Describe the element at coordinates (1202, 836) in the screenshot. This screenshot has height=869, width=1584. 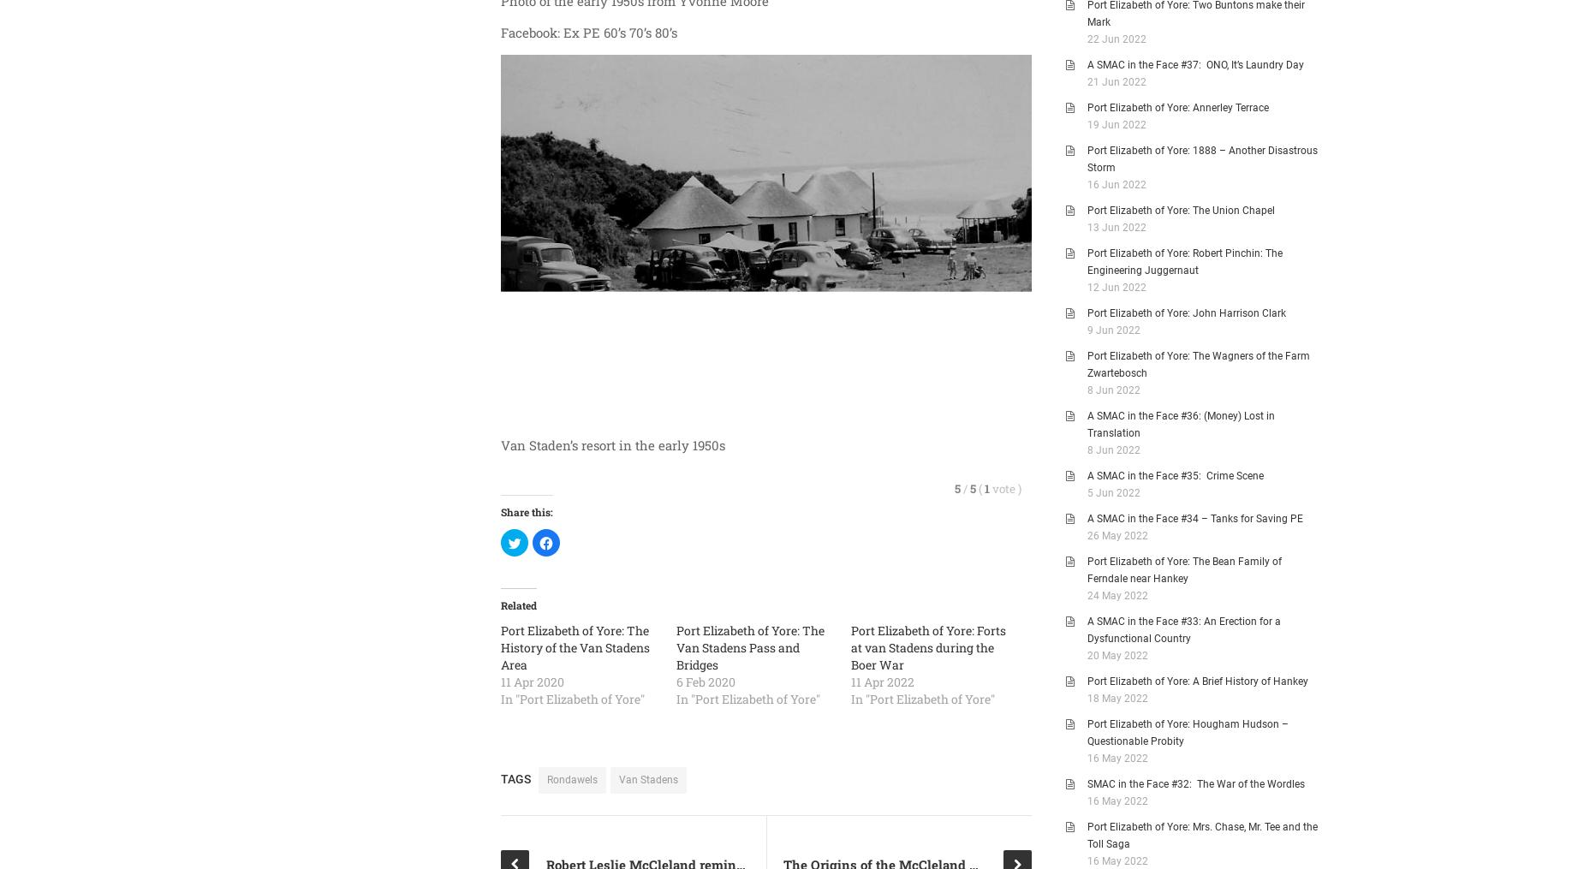
I see `'Port Elizabeth of Yore: Mrs. Chase, Mr. Tee and the Toll Saga'` at that location.